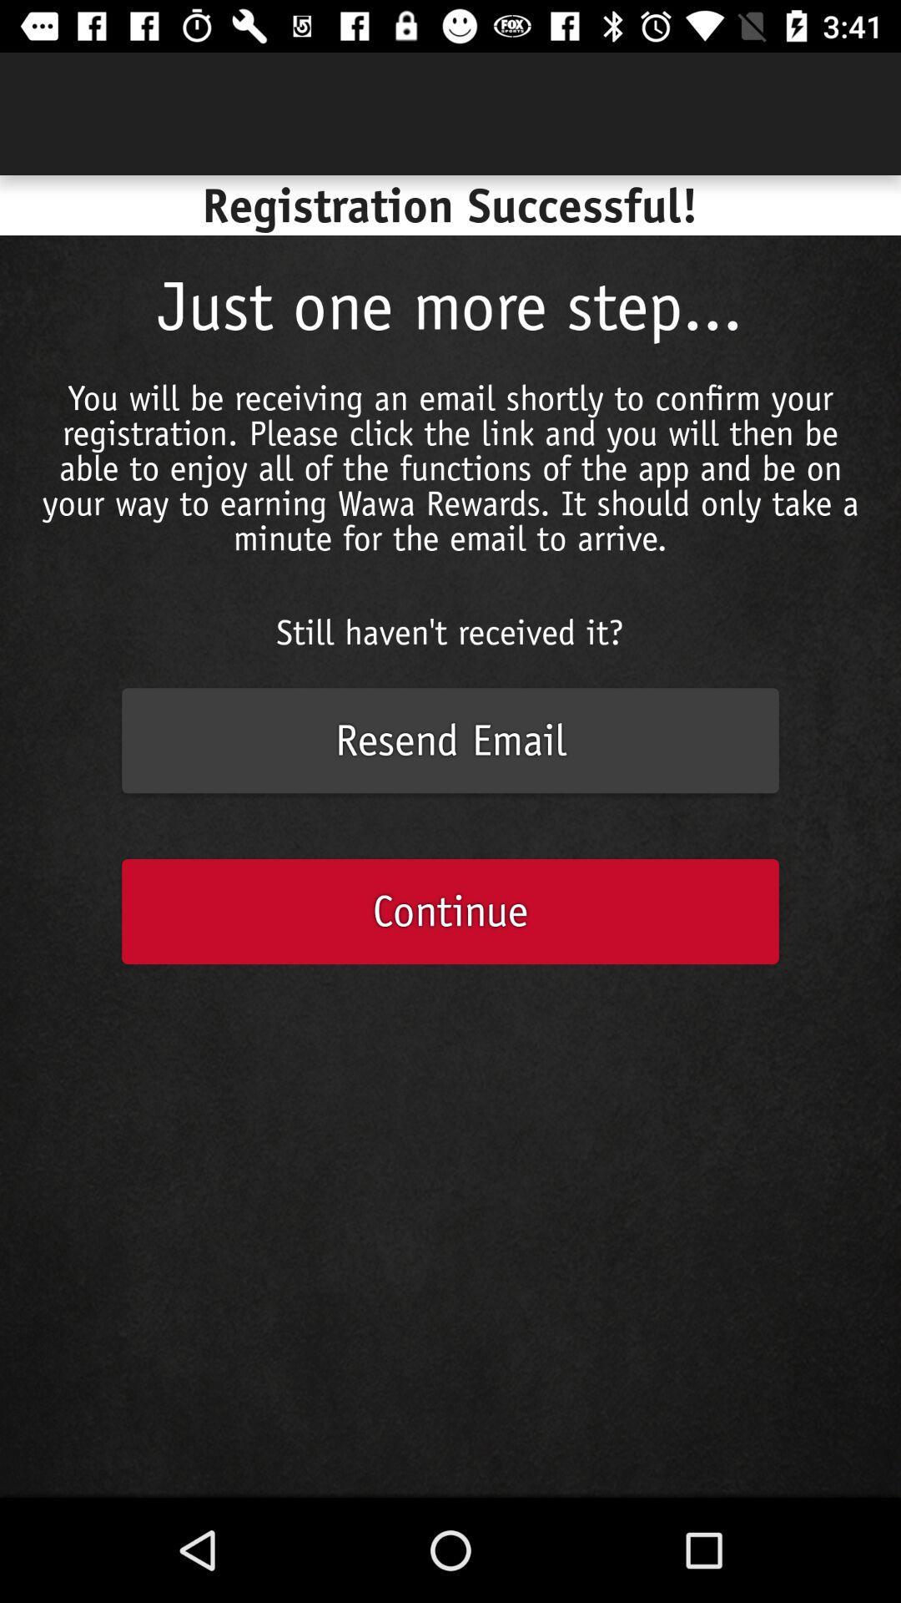 The image size is (901, 1603). Describe the element at coordinates (450, 910) in the screenshot. I see `the continue item` at that location.